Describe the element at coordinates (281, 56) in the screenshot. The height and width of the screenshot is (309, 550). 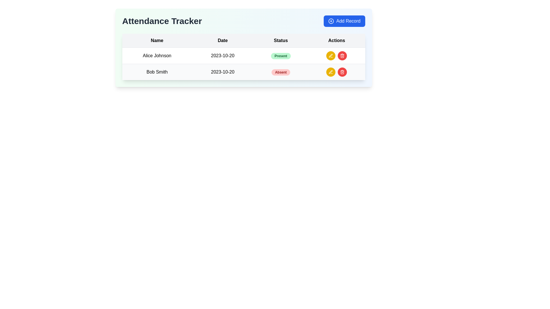
I see `the small green button-like status indicator labeled 'Present' in the first row of the attendance table, which is located in the 'Status' column after the 'Date' column and before the 'Actions' column` at that location.